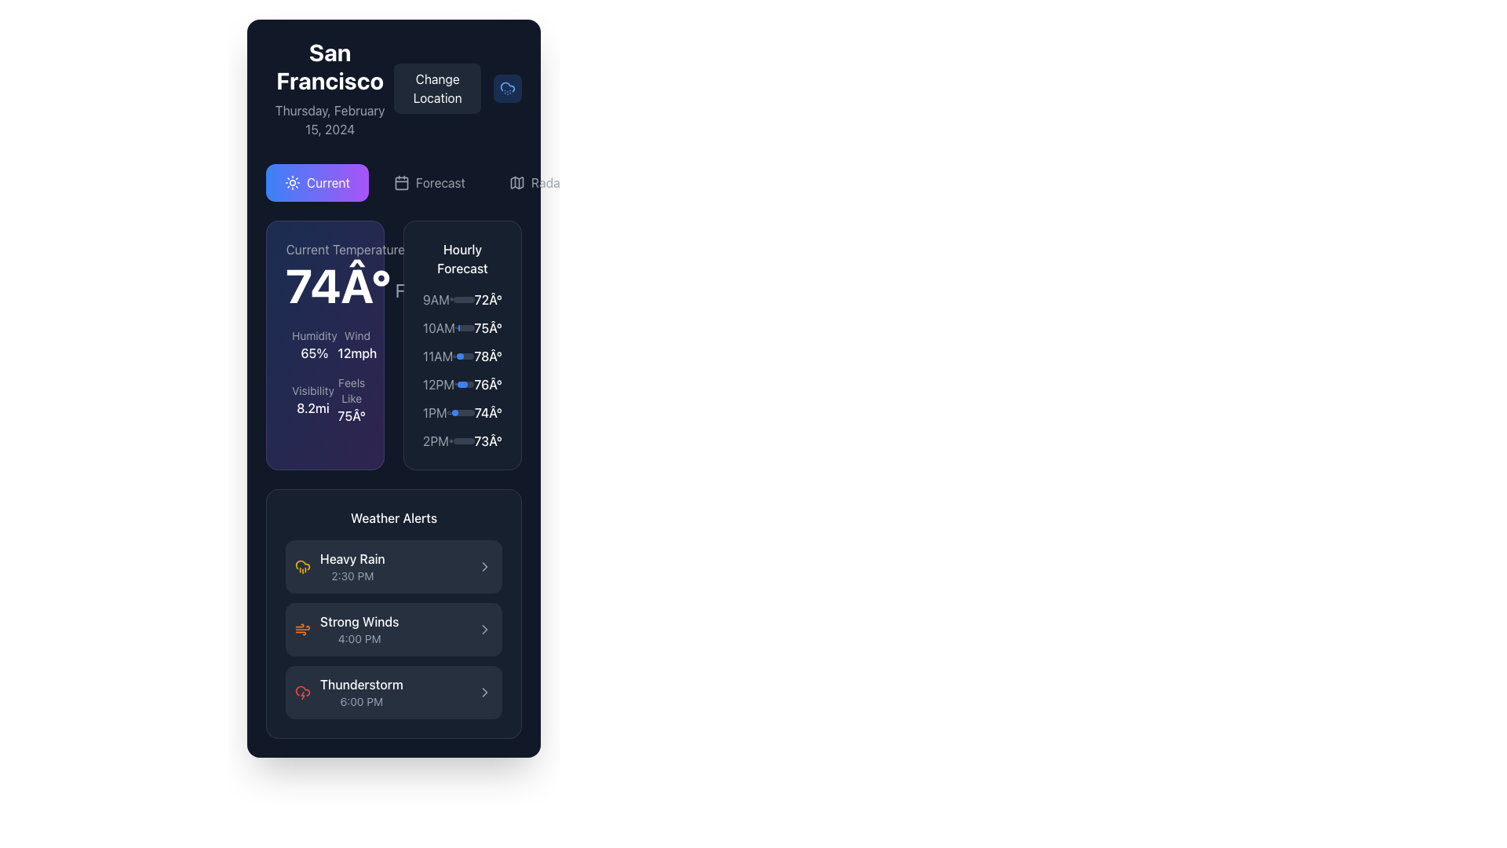 This screenshot has width=1507, height=848. I want to click on the third weather alert card for a thunderstorm occurring at 6:00 PM, so click(394, 692).